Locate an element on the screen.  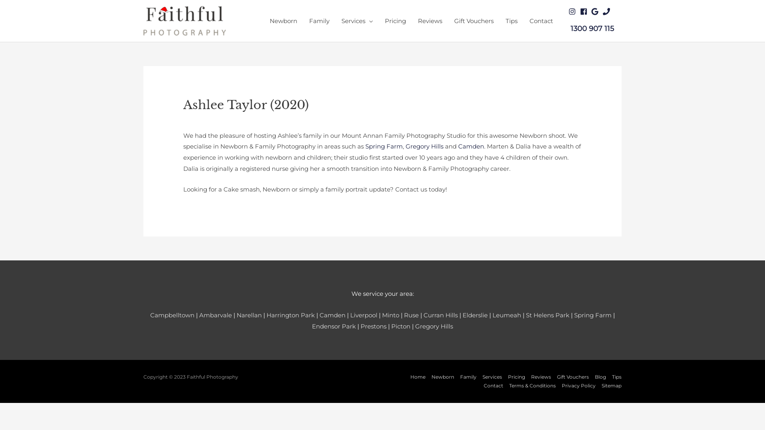
'1300 907 115' is located at coordinates (570, 27).